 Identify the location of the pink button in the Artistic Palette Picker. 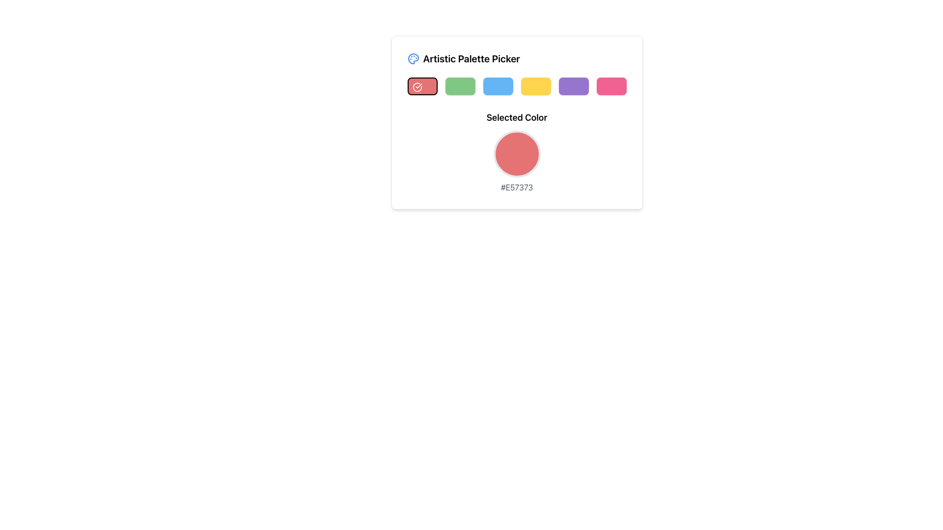
(610, 86).